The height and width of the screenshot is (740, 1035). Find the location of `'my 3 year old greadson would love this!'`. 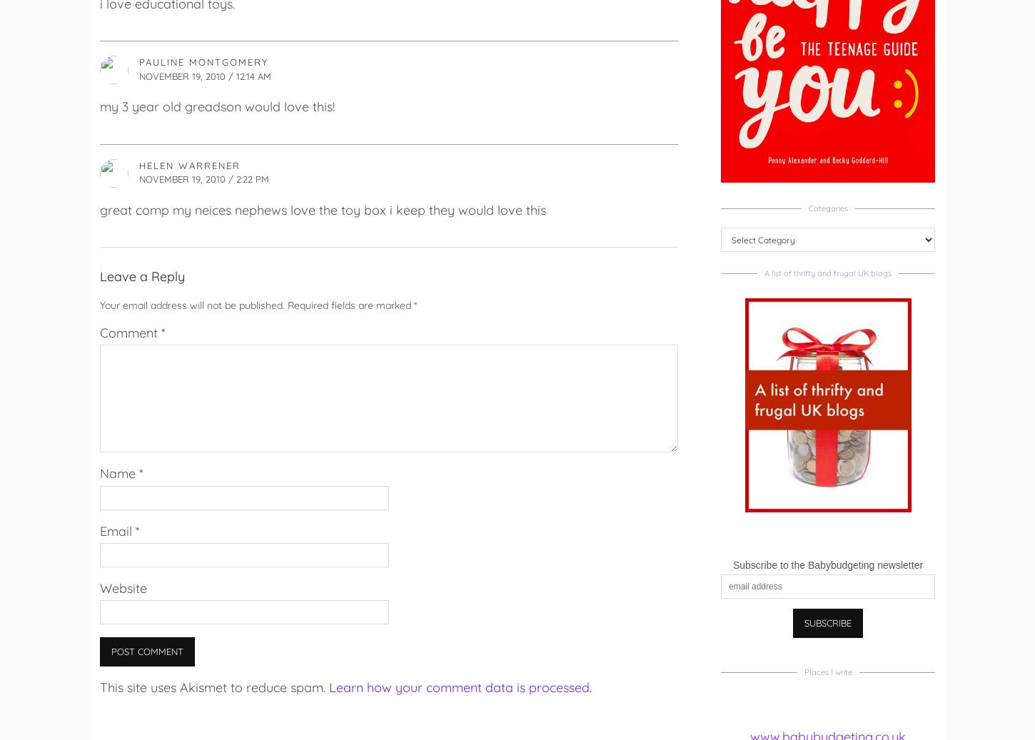

'my 3 year old greadson would love this!' is located at coordinates (99, 106).